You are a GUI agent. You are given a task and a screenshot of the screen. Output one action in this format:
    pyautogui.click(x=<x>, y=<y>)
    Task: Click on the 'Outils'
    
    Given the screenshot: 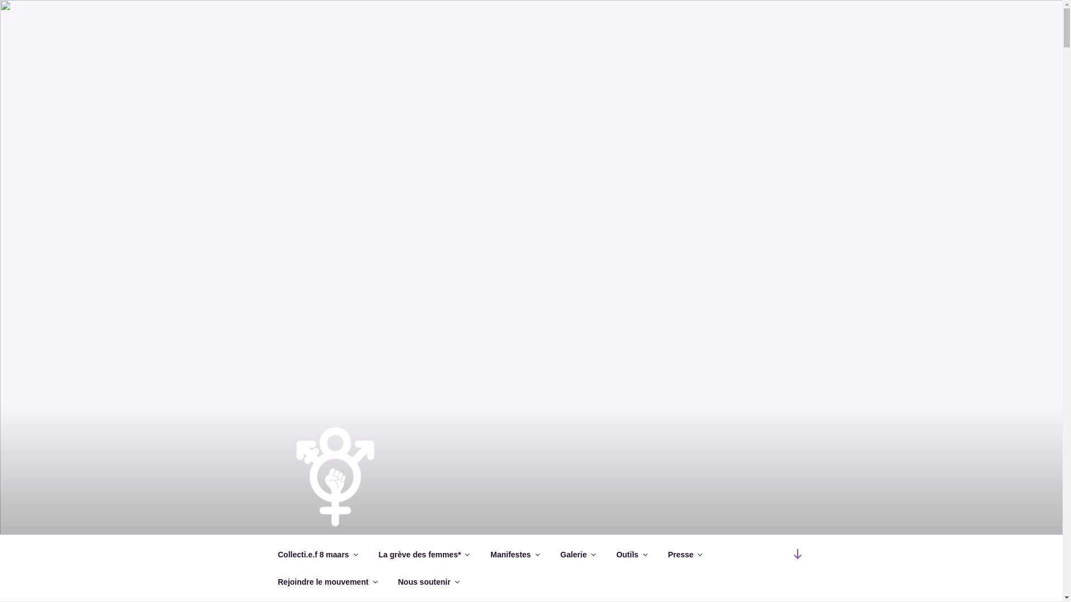 What is the action you would take?
    pyautogui.click(x=631, y=554)
    